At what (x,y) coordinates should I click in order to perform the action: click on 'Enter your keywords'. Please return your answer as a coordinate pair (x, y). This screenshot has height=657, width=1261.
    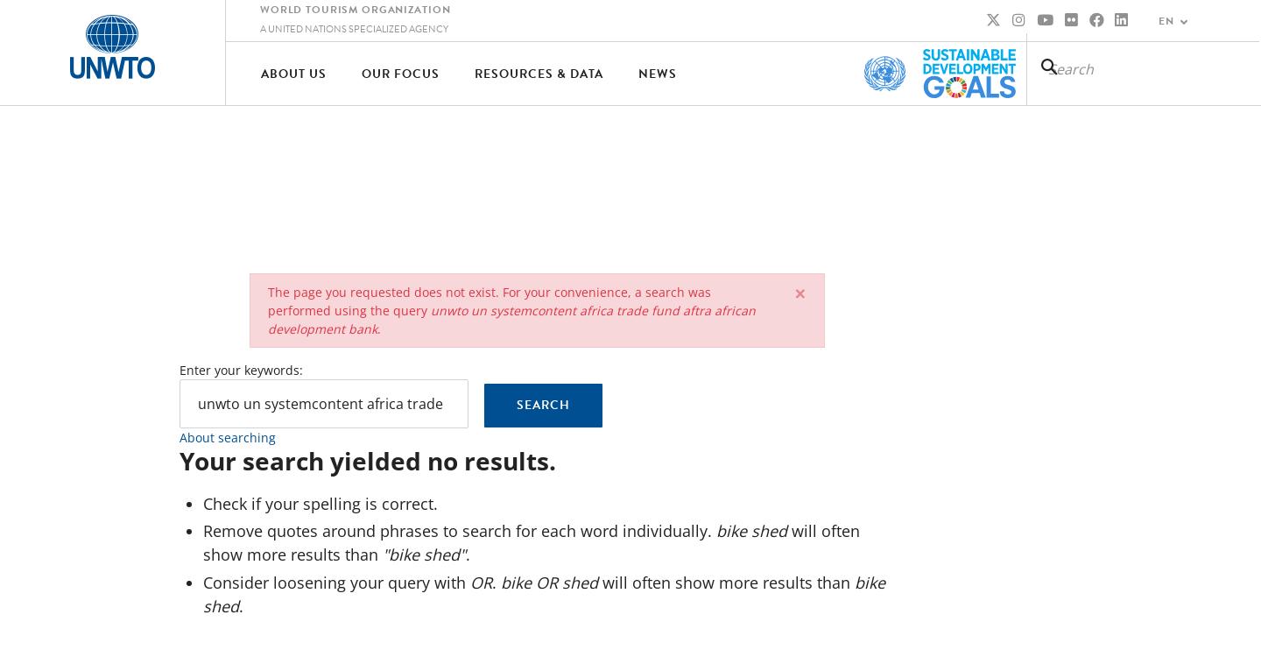
    Looking at the image, I should click on (237, 370).